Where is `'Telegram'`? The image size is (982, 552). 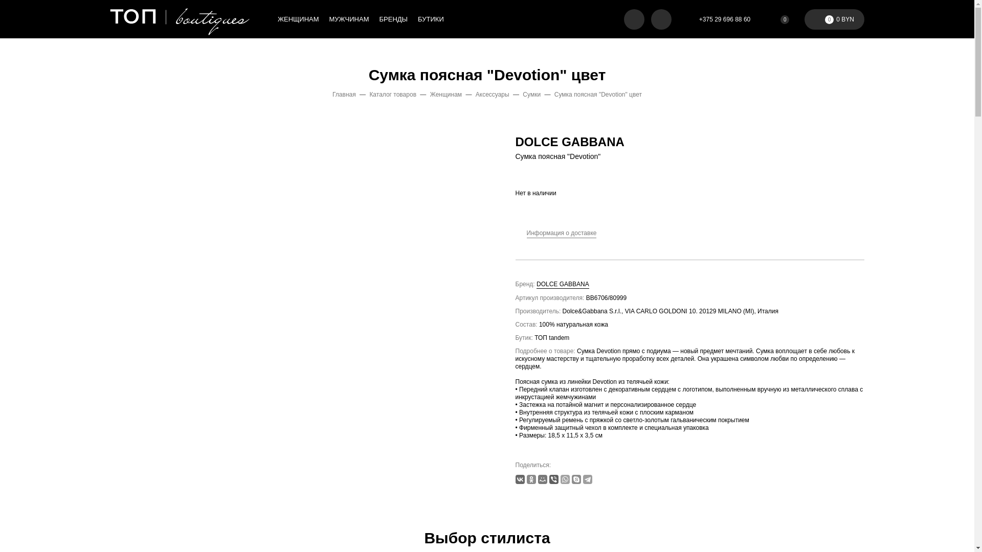 'Telegram' is located at coordinates (587, 479).